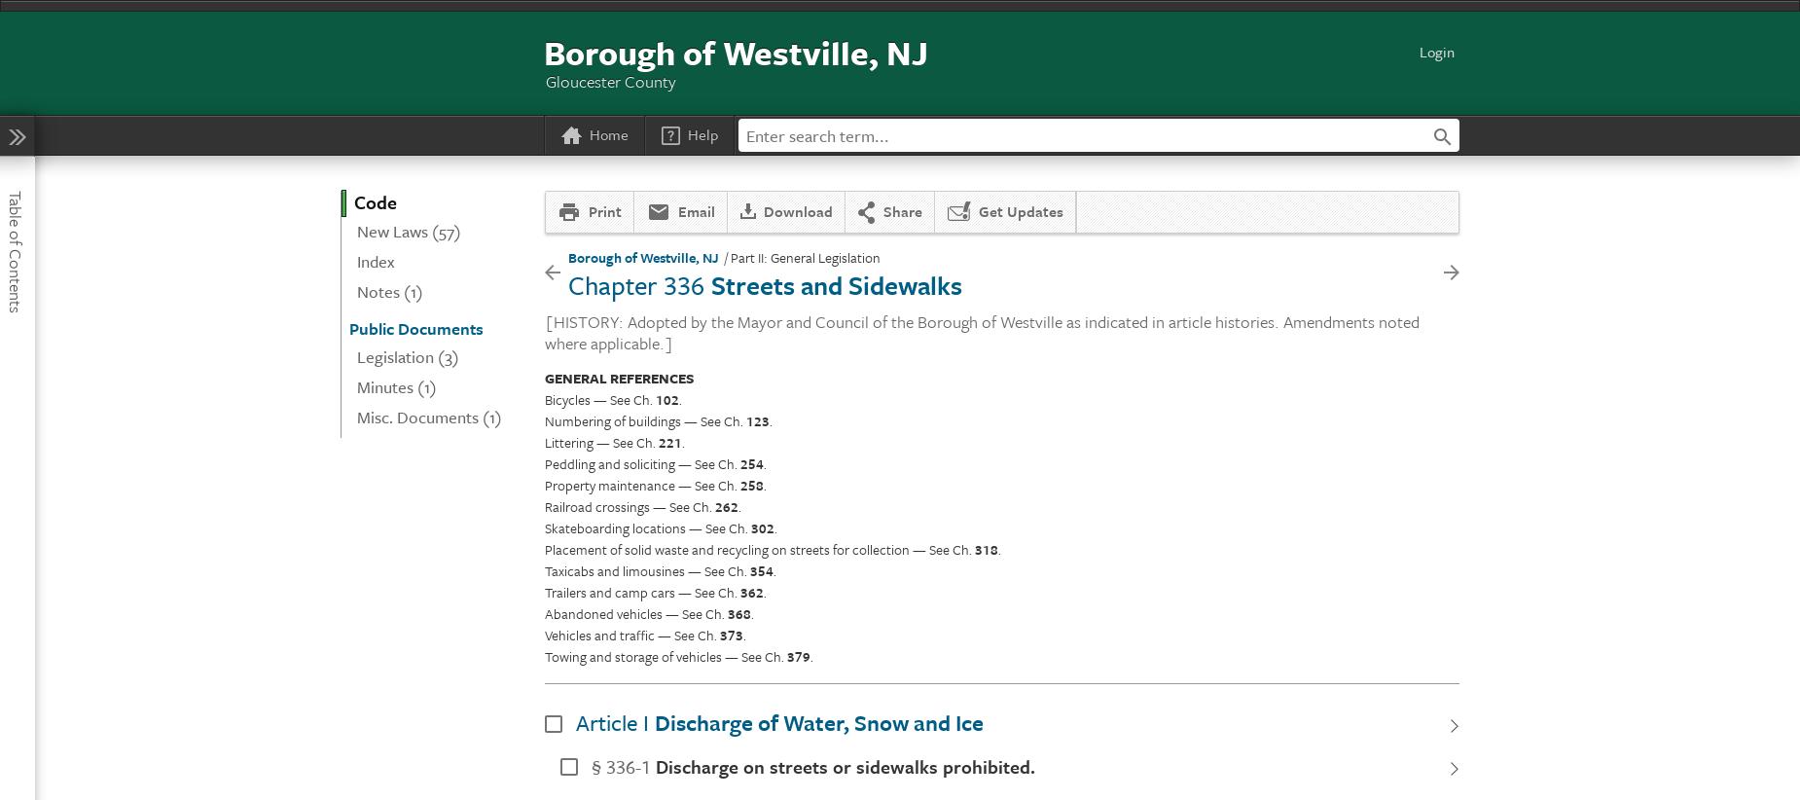 The image size is (1800, 800). Describe the element at coordinates (612, 720) in the screenshot. I see `'Article I'` at that location.